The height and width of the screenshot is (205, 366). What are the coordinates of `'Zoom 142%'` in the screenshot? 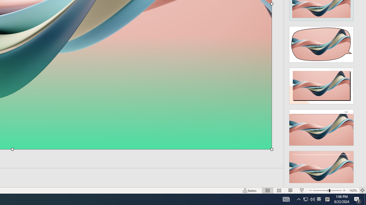 It's located at (353, 190).